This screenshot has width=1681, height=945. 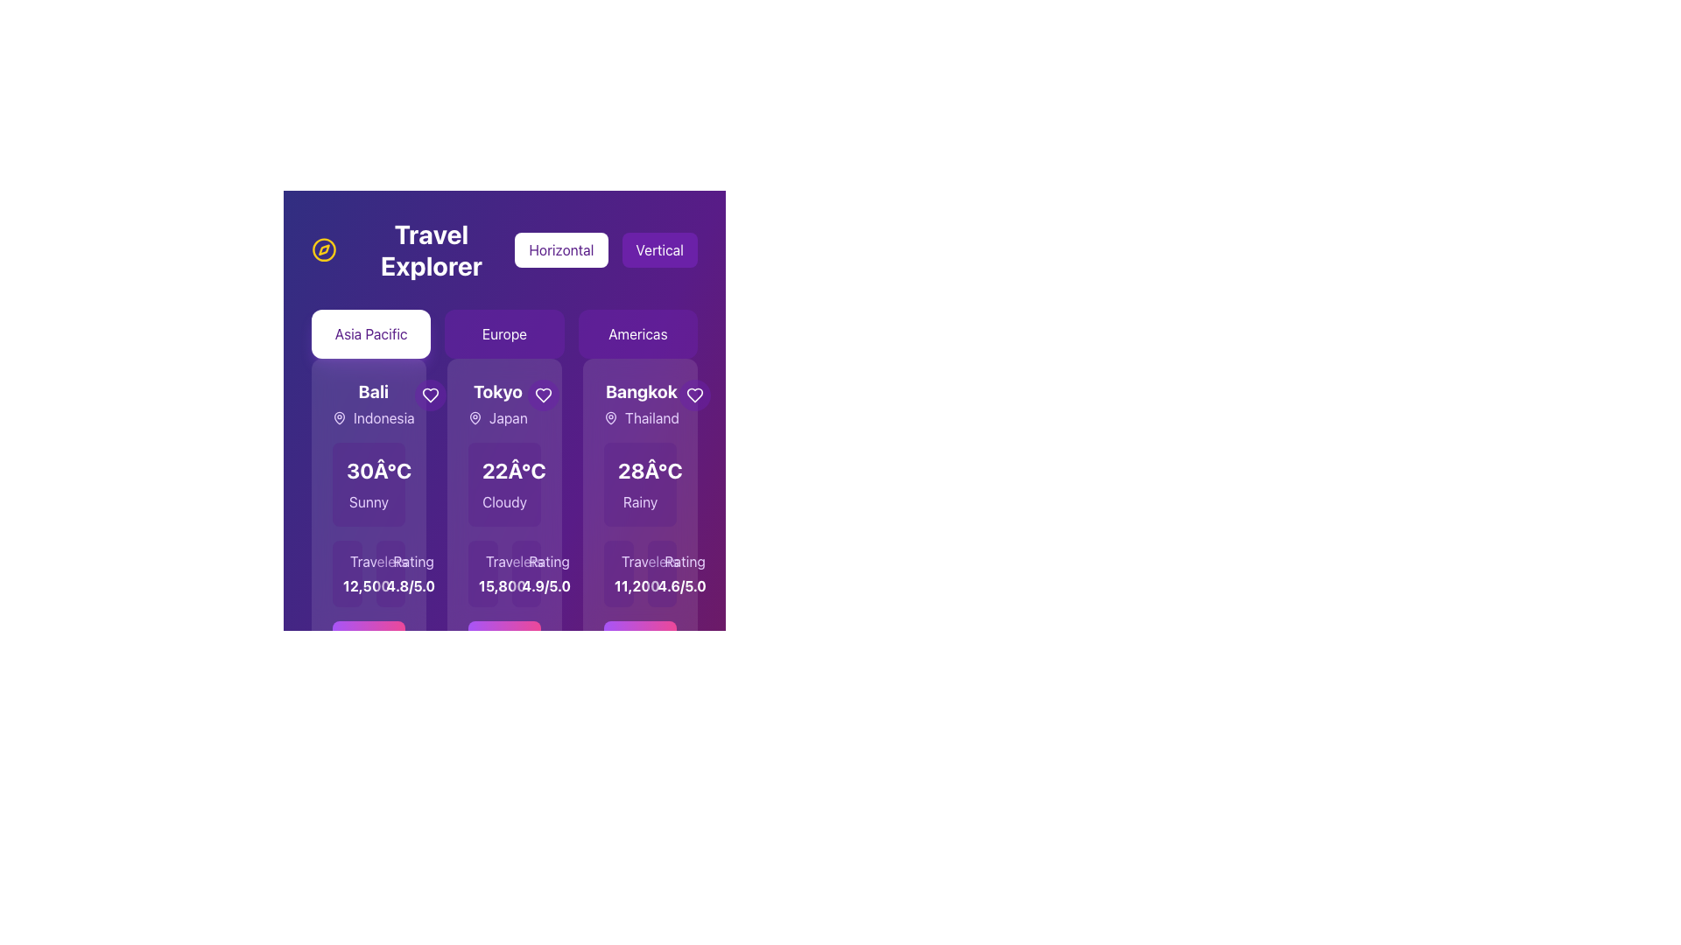 What do you see at coordinates (503, 485) in the screenshot?
I see `the Information card displaying '22°C' and 'cloudy' with a semi-transparent purple background, located under the 'Tokyo' header in the 'Europe' section` at bounding box center [503, 485].